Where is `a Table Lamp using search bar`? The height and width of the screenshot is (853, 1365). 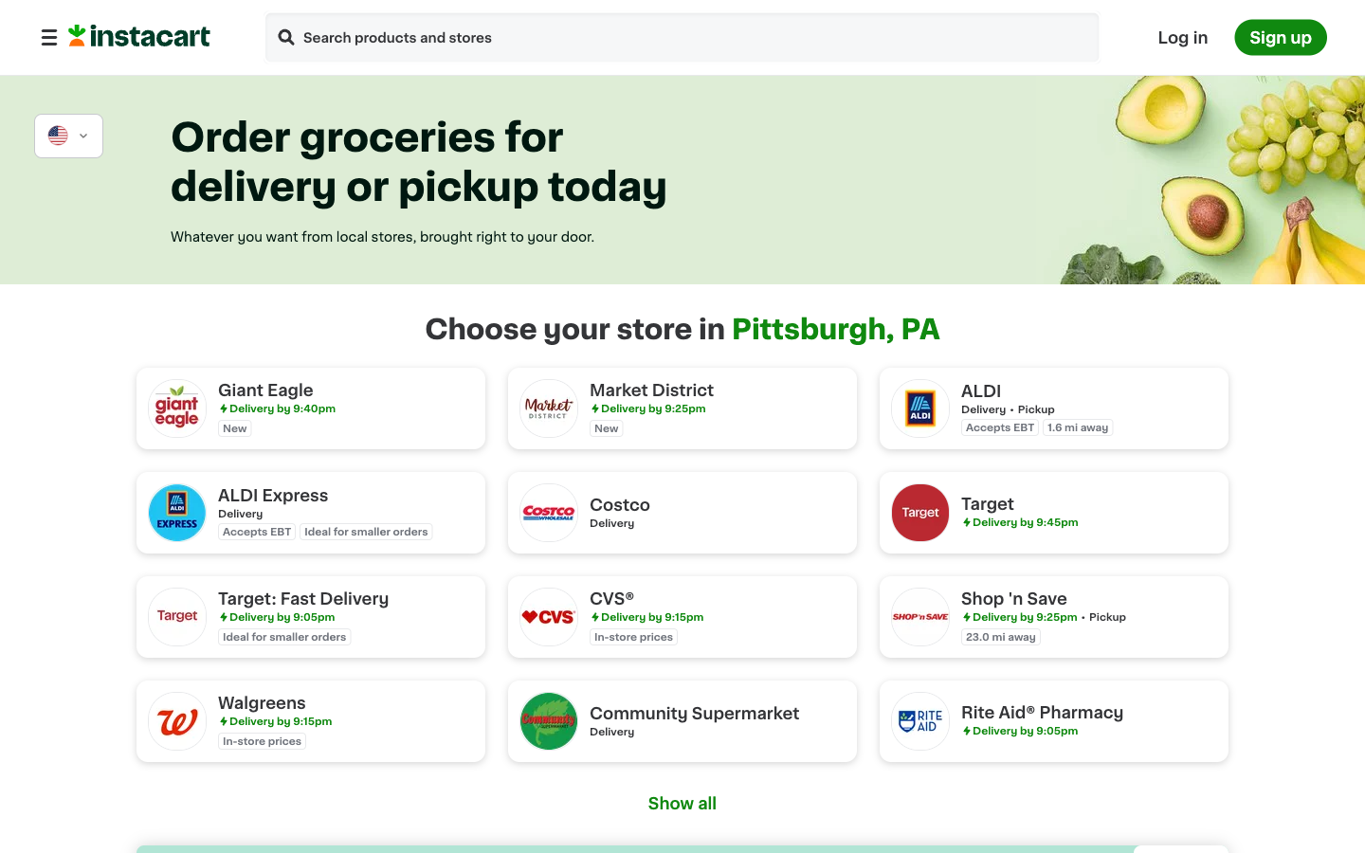 a Table Lamp using search bar is located at coordinates (285, 38).